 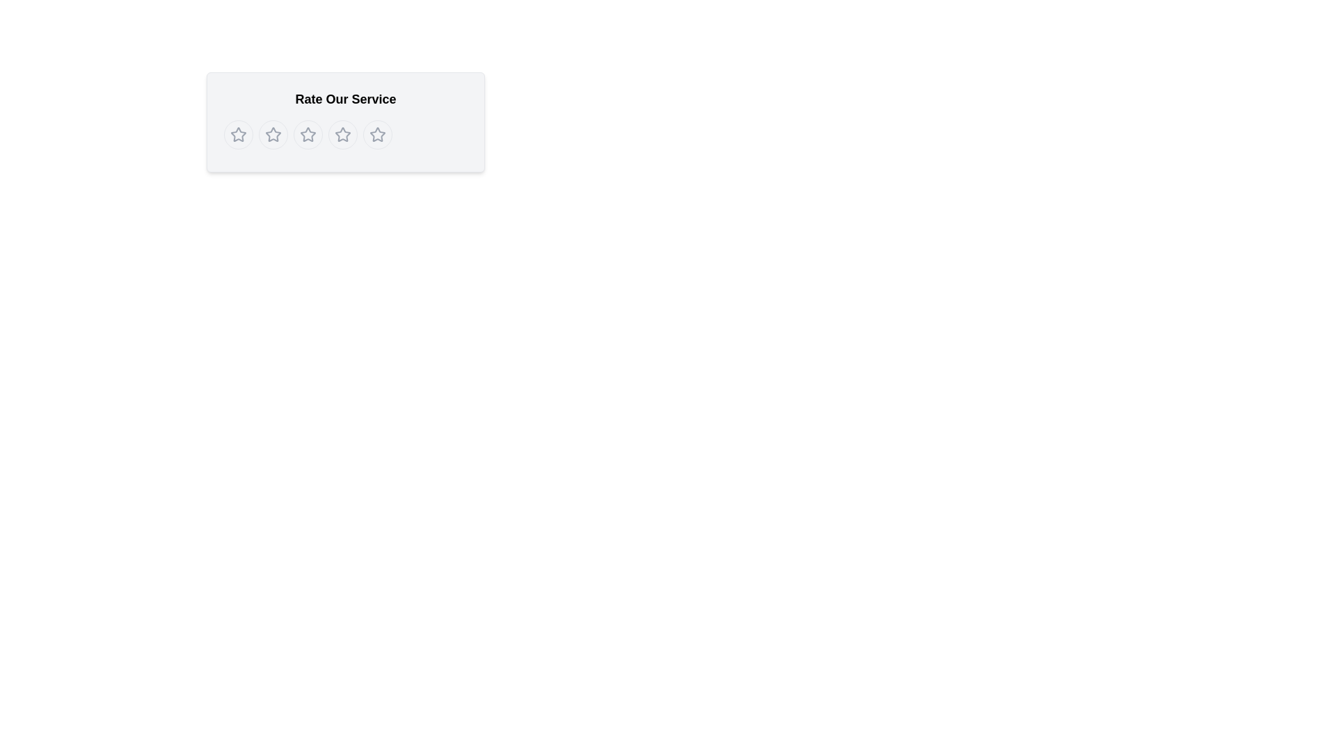 I want to click on the left-most star-shaped icon in the rating area, so click(x=238, y=134).